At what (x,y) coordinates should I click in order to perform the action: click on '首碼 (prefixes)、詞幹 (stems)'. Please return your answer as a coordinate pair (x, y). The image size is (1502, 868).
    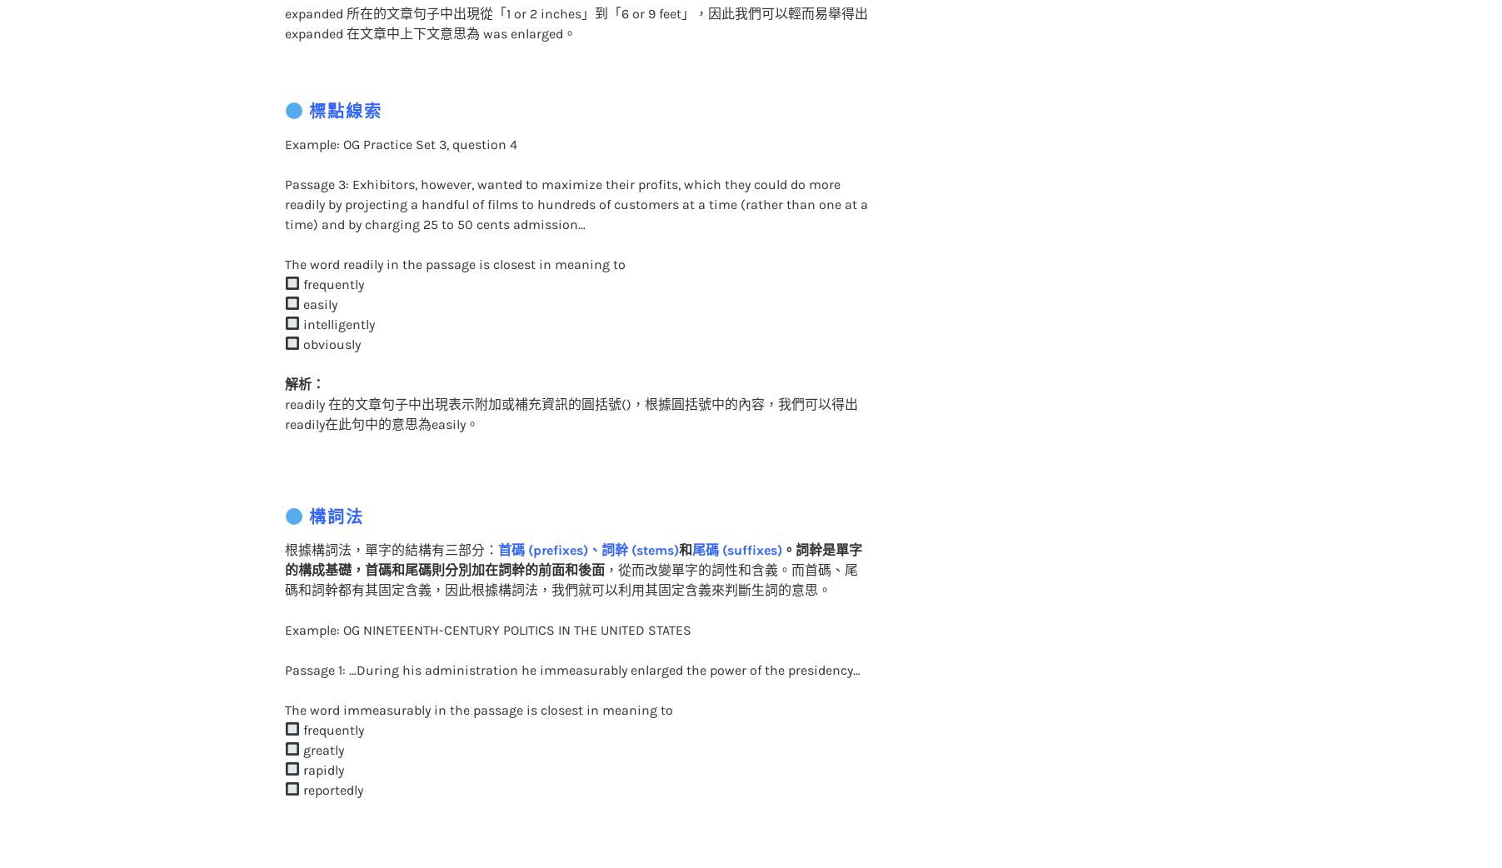
    Looking at the image, I should click on (586, 516).